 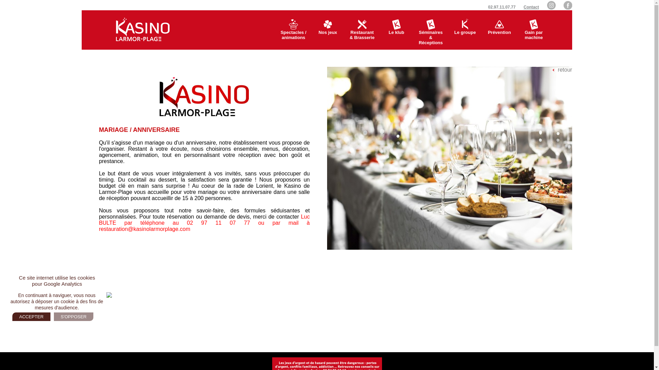 I want to click on 'Le klub', so click(x=396, y=29).